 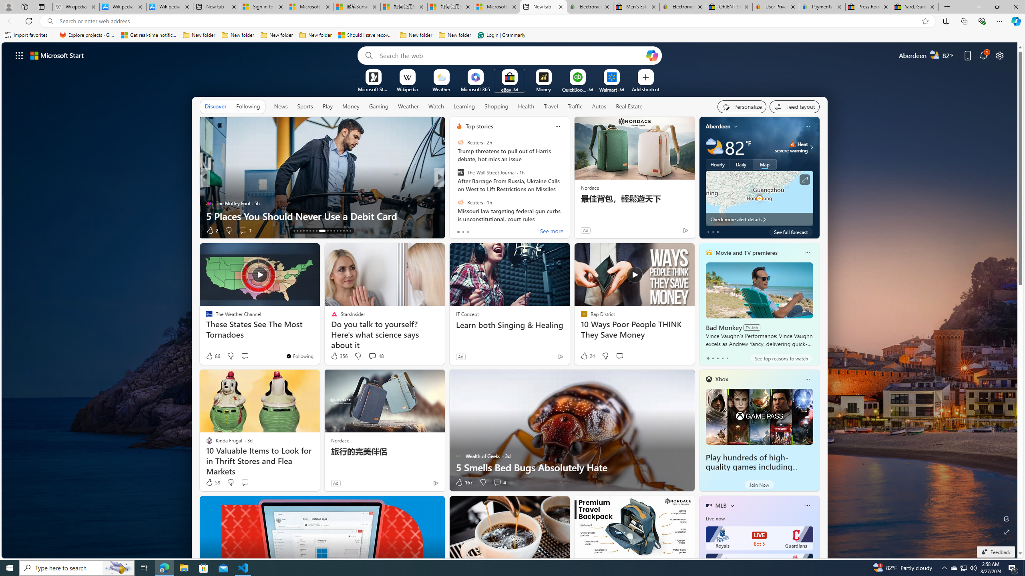 What do you see at coordinates (372, 355) in the screenshot?
I see `'View comments 48 Comment'` at bounding box center [372, 355].